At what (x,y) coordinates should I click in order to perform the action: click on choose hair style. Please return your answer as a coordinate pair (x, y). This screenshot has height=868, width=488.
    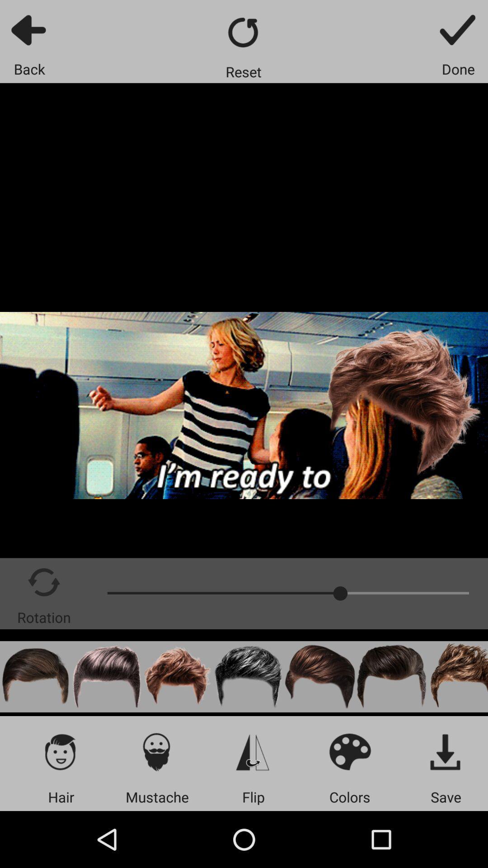
    Looking at the image, I should click on (61, 751).